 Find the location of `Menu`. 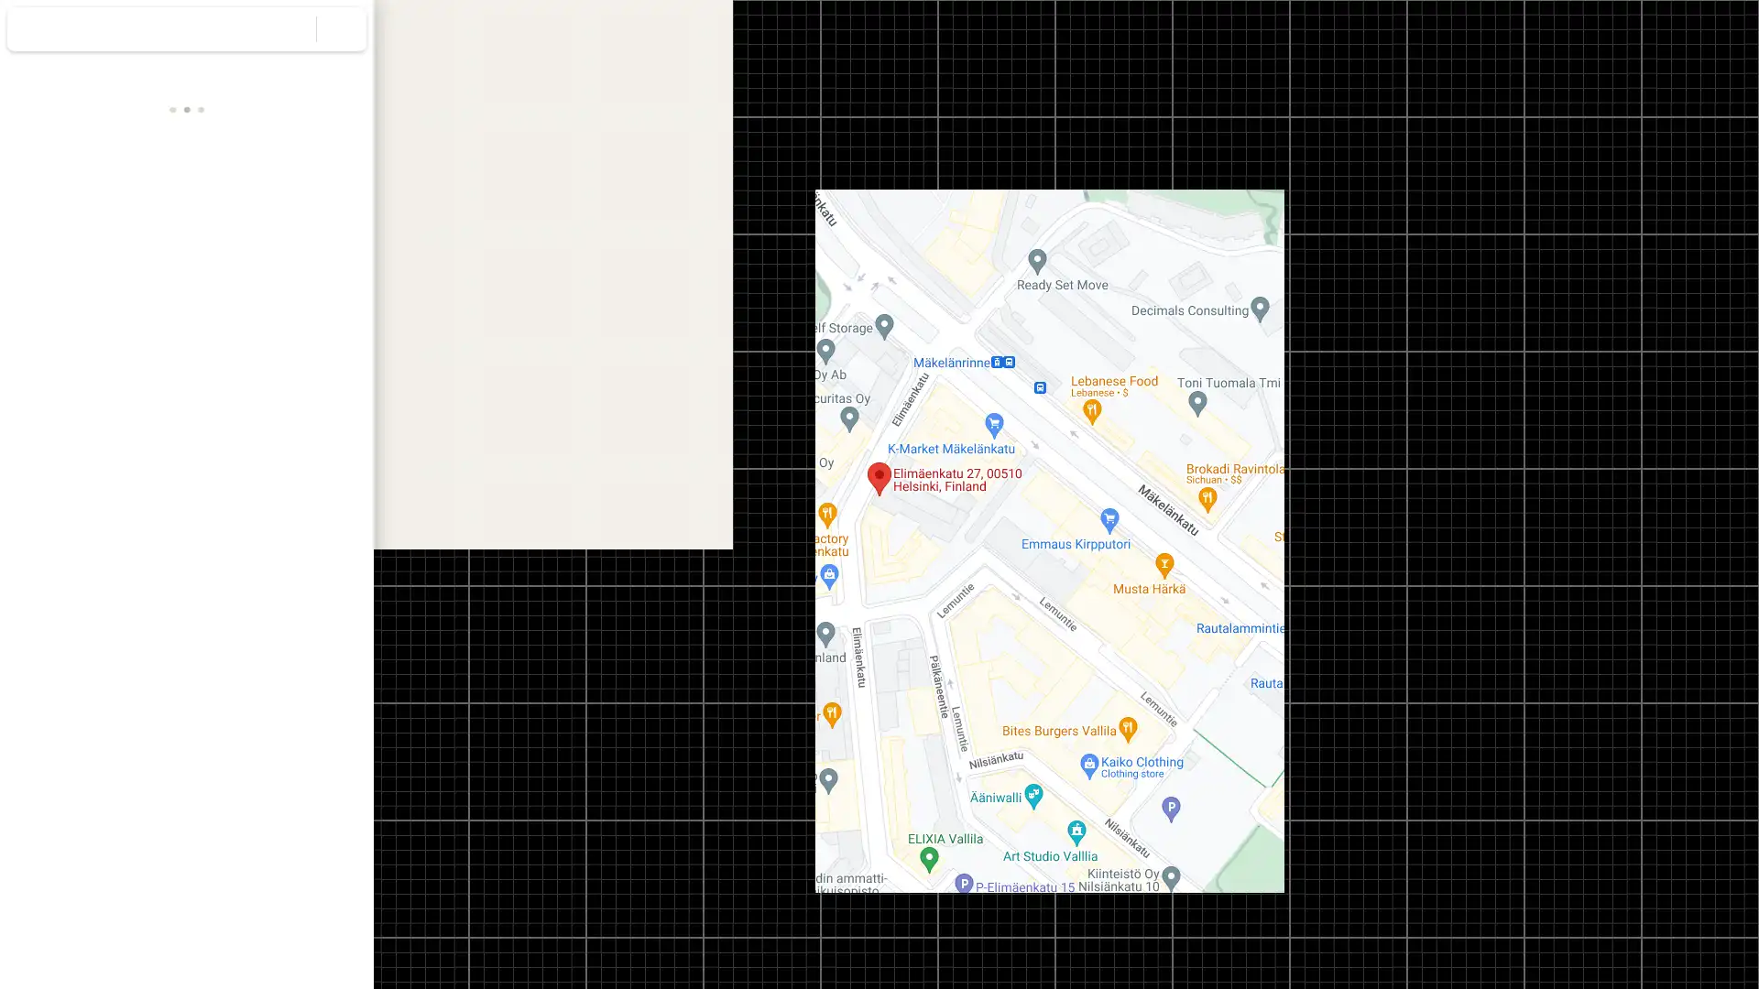

Menu is located at coordinates (32, 31).